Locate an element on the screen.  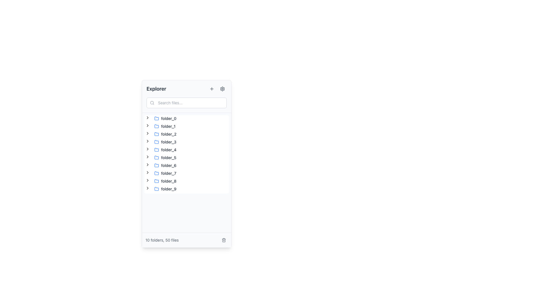
the 'folder_8' tree node label in the file explorer is located at coordinates (165, 181).